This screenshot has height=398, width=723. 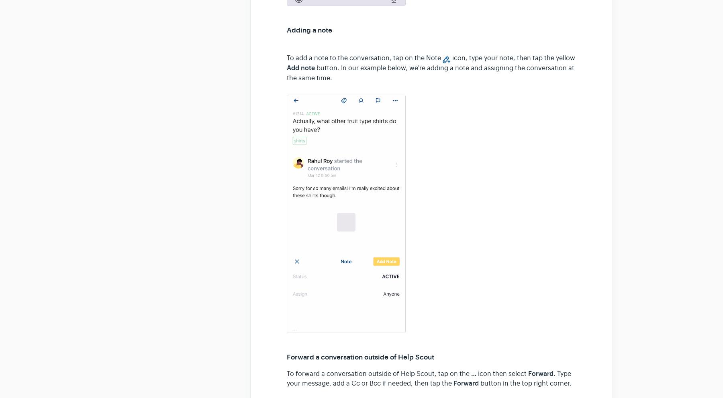 What do you see at coordinates (360, 357) in the screenshot?
I see `'Forward a conversation outside of Help Scout'` at bounding box center [360, 357].